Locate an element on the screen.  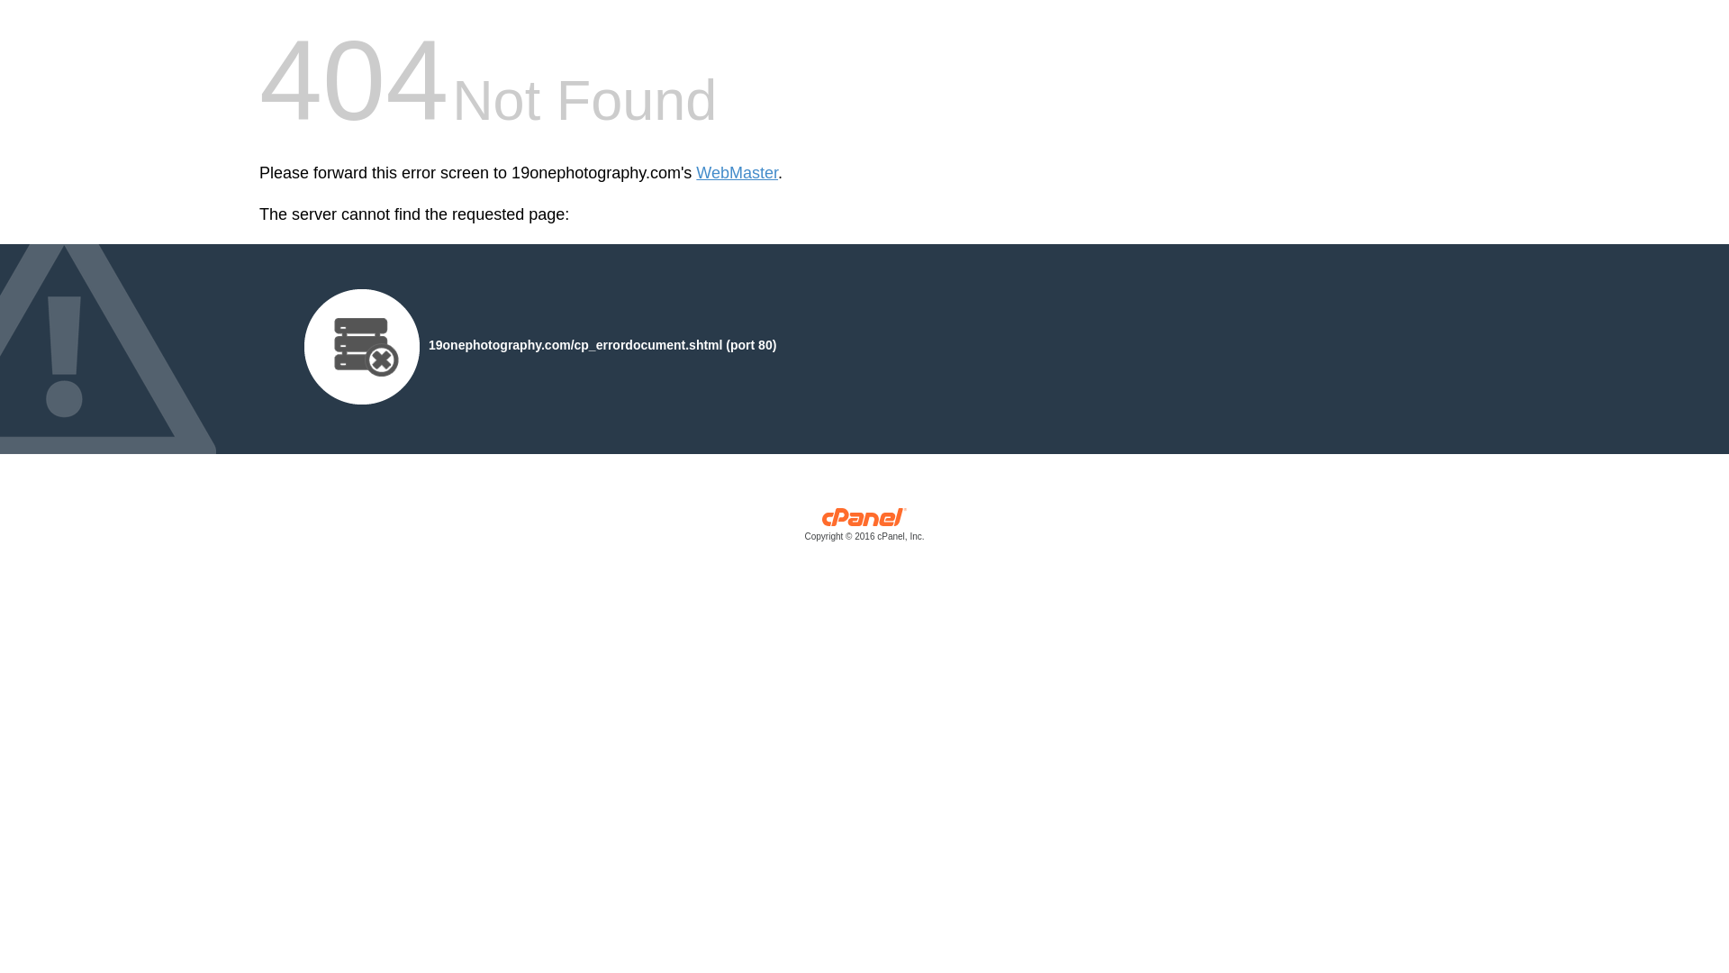
'WebMaster' is located at coordinates (737, 173).